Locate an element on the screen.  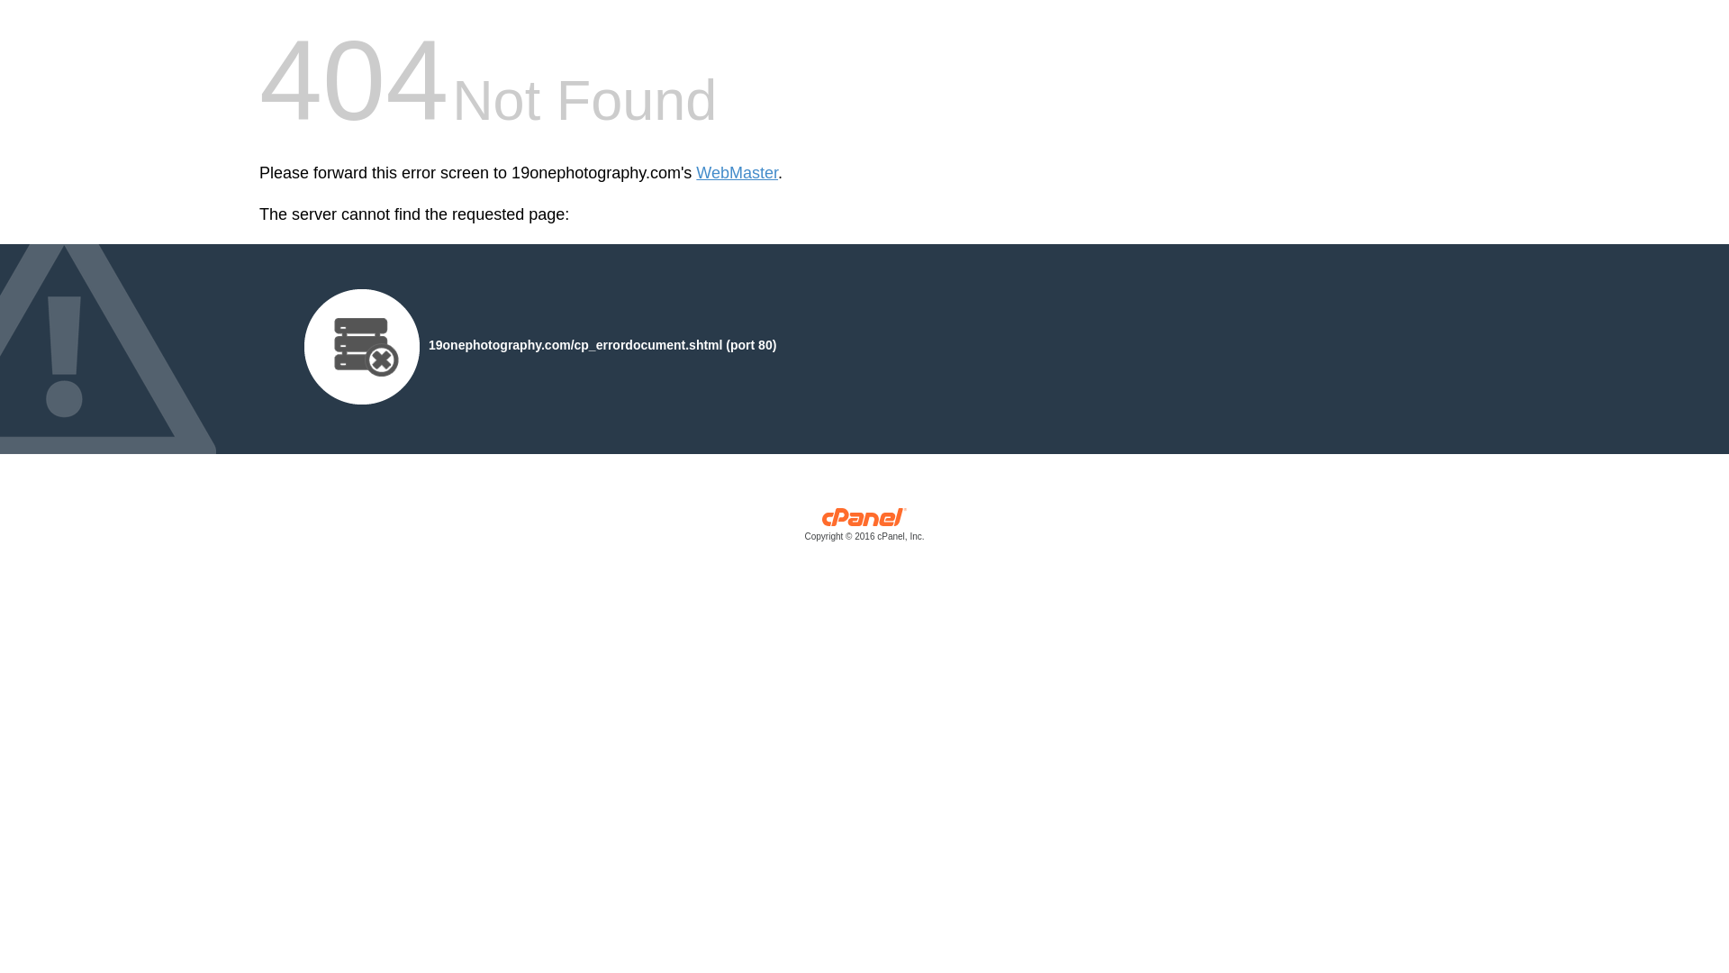
'WebMaster' is located at coordinates (737, 173).